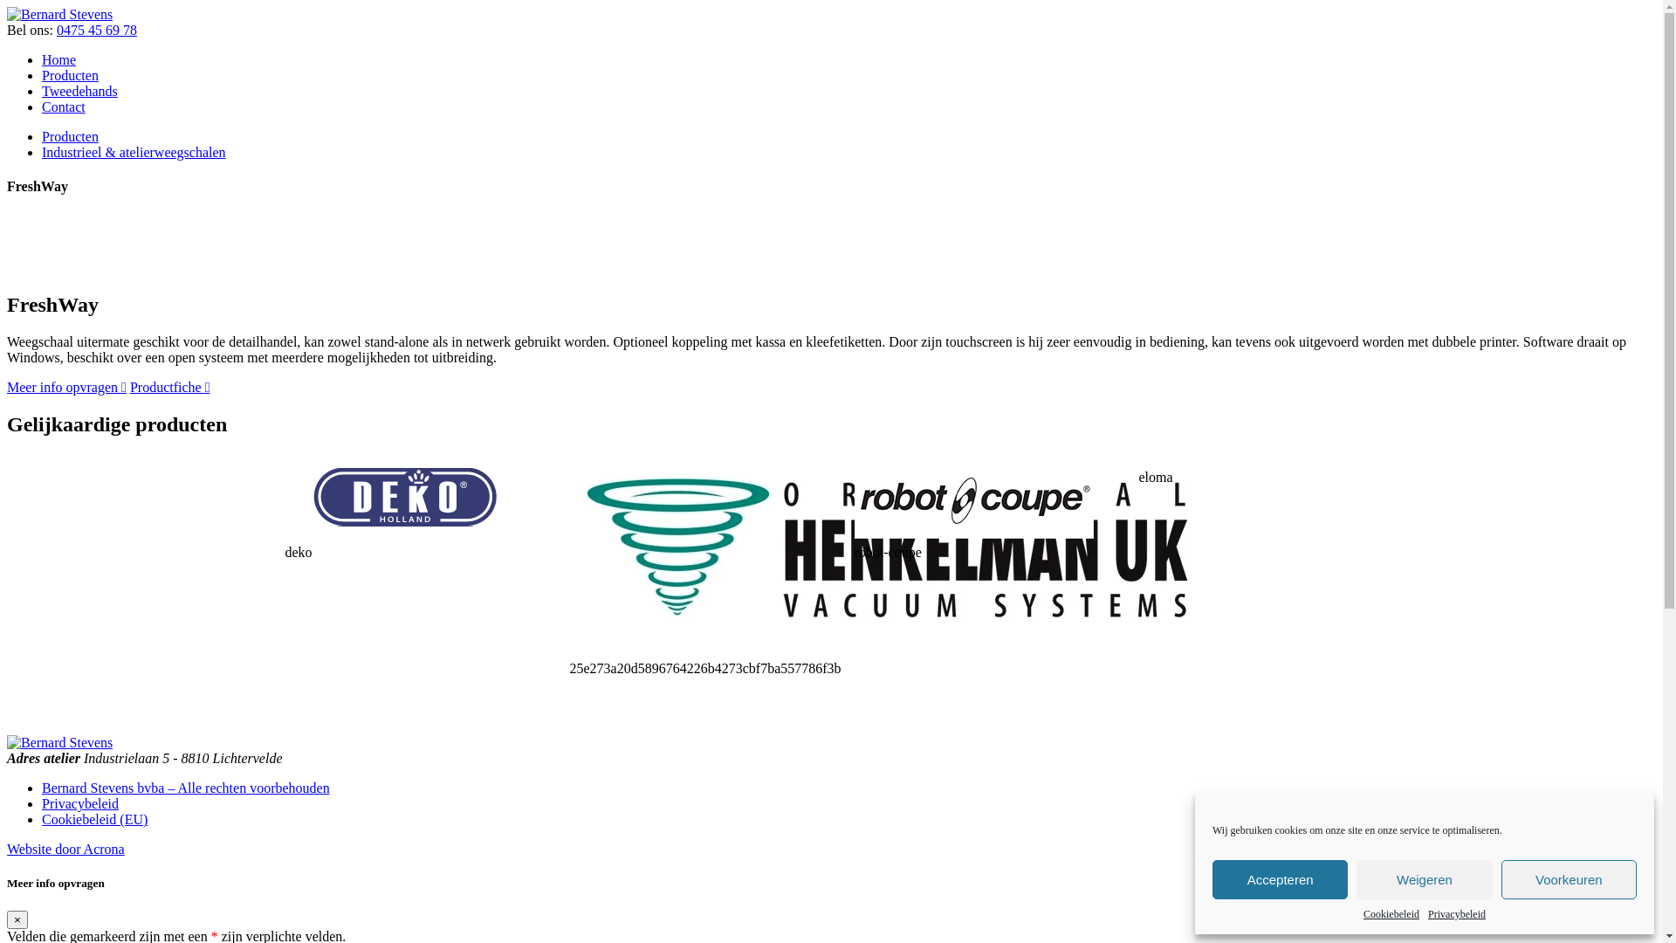  Describe the element at coordinates (66, 386) in the screenshot. I see `'Meer info opvragen'` at that location.